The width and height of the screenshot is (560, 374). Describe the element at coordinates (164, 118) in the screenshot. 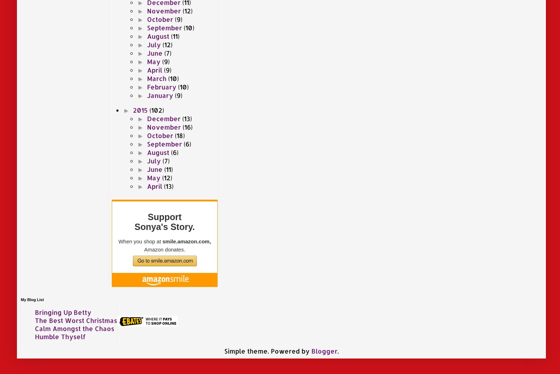

I see `'December'` at that location.